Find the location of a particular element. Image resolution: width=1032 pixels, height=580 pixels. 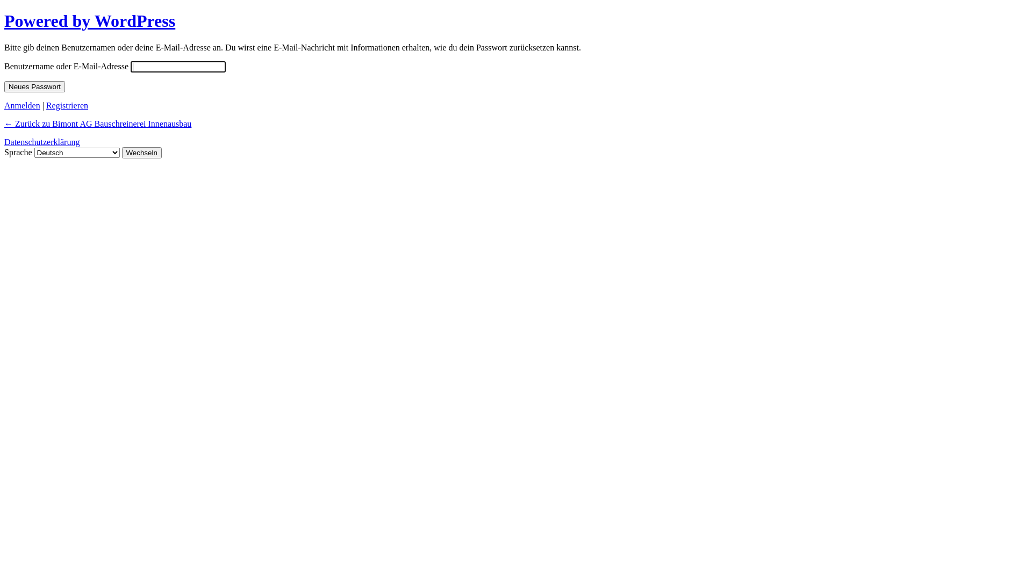

'Wechseln' is located at coordinates (121, 153).